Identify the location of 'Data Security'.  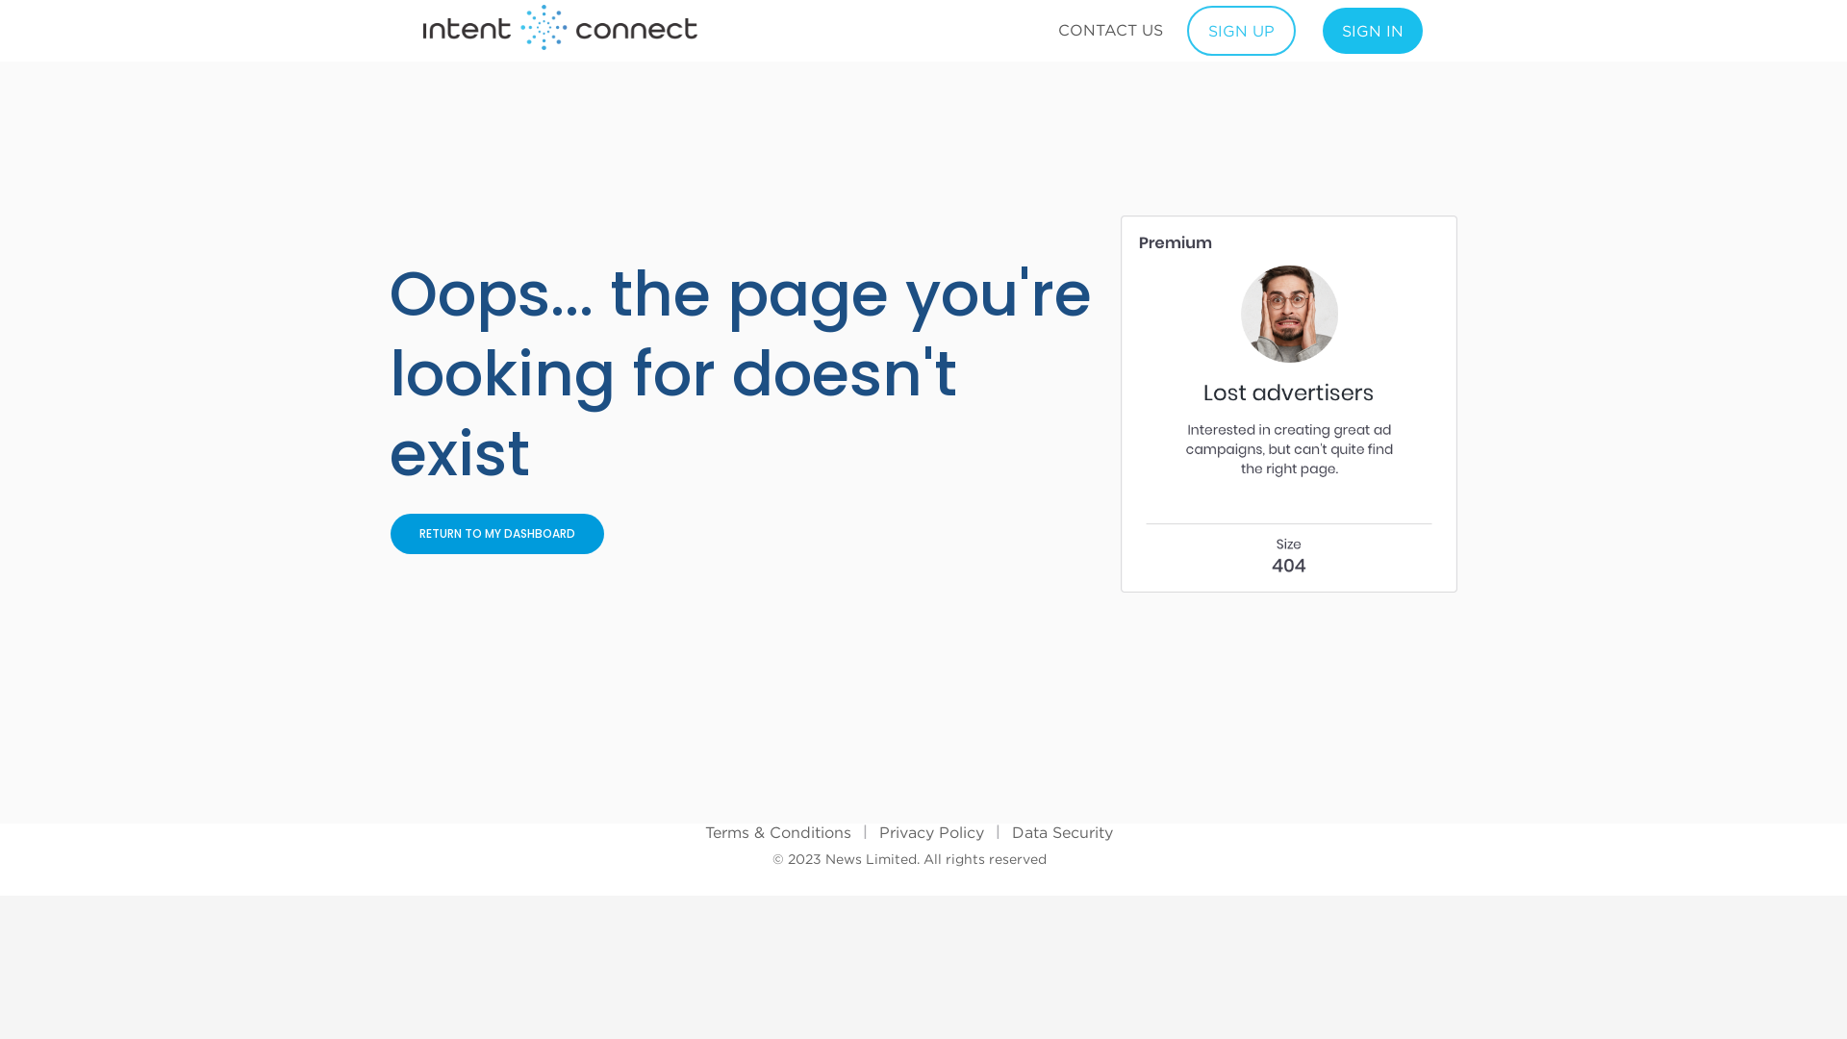
(1061, 830).